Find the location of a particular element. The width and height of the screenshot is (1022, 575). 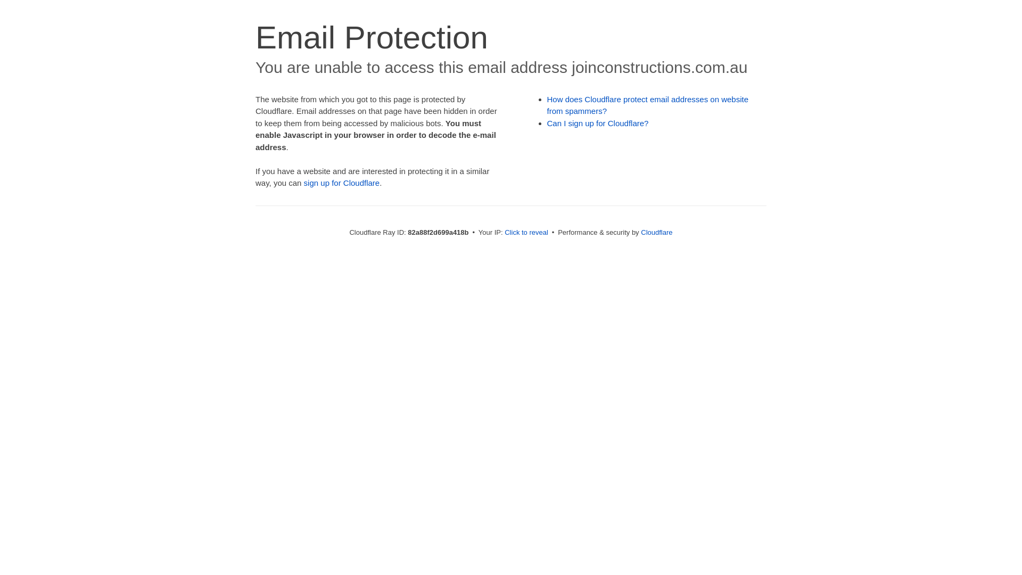

'Can I sign up for Cloudflare?' is located at coordinates (598, 122).